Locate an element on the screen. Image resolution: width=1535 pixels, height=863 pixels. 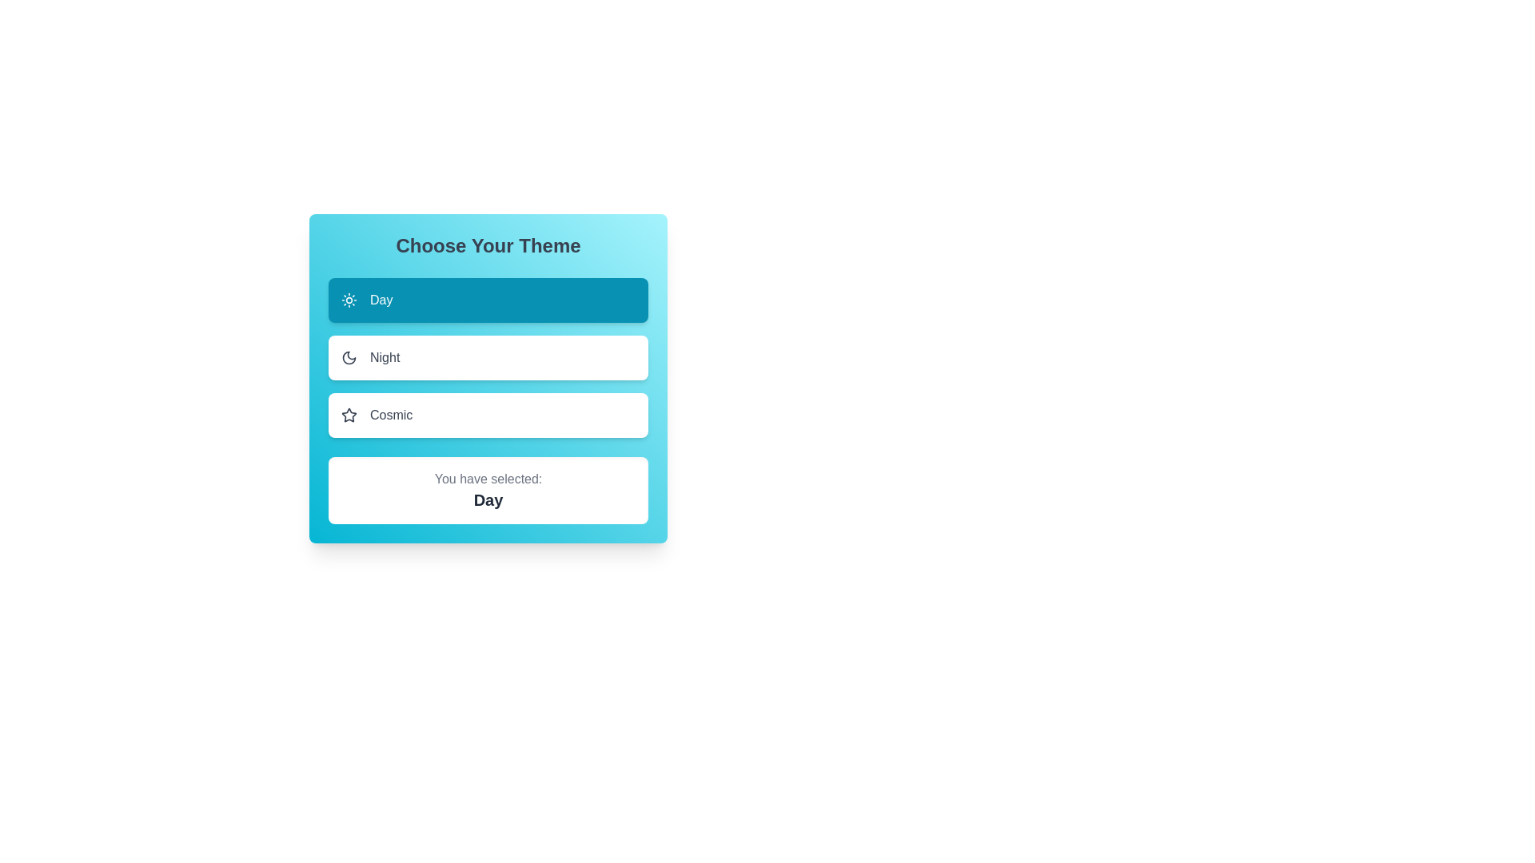
the decorative icon located on the left side of the uppermost rounded rectangular button labeled 'Day' is located at coordinates (348, 300).